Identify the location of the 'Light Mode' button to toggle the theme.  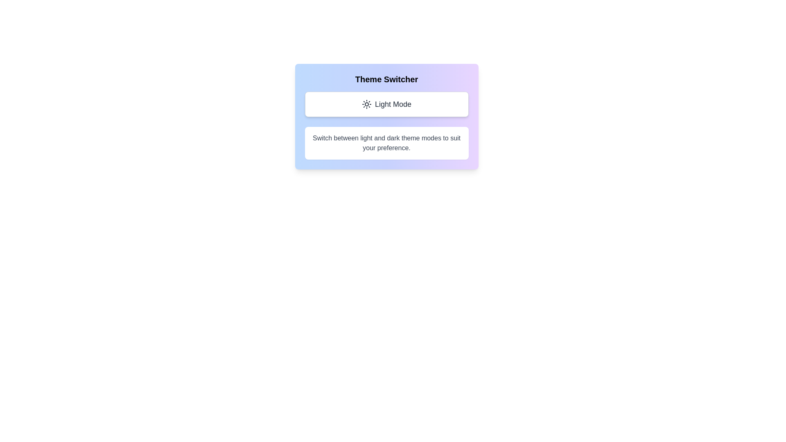
(386, 104).